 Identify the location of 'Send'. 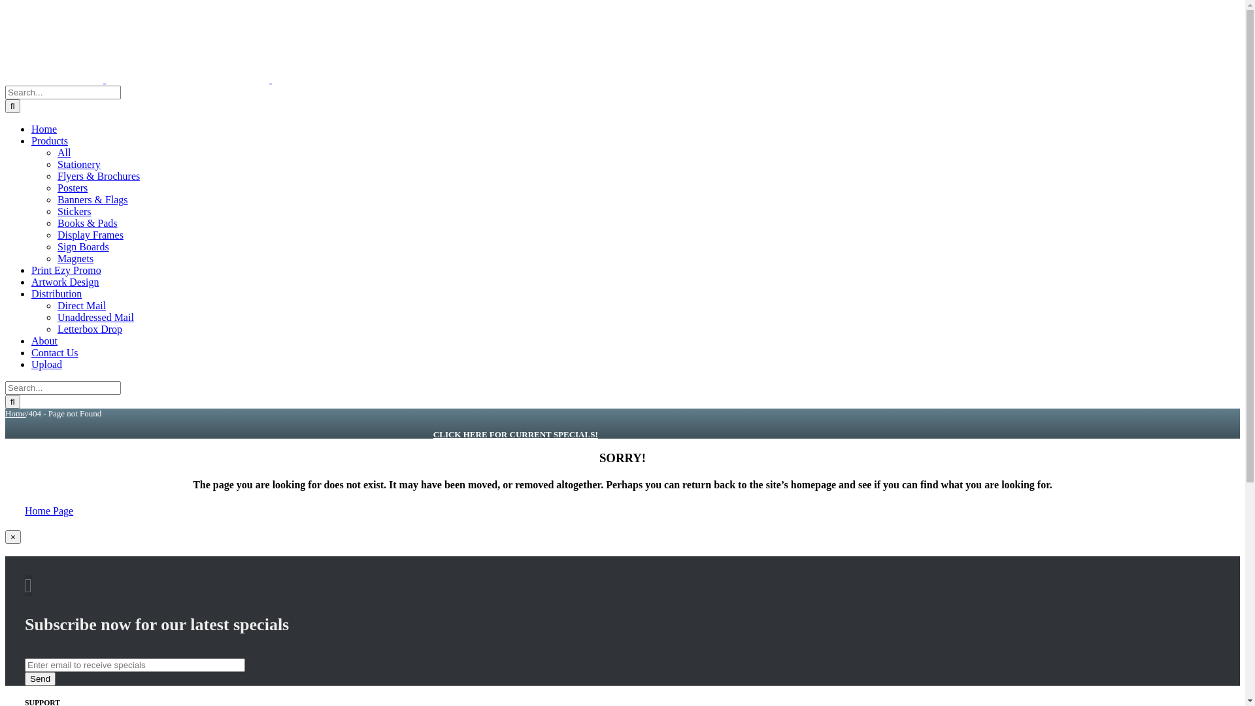
(40, 678).